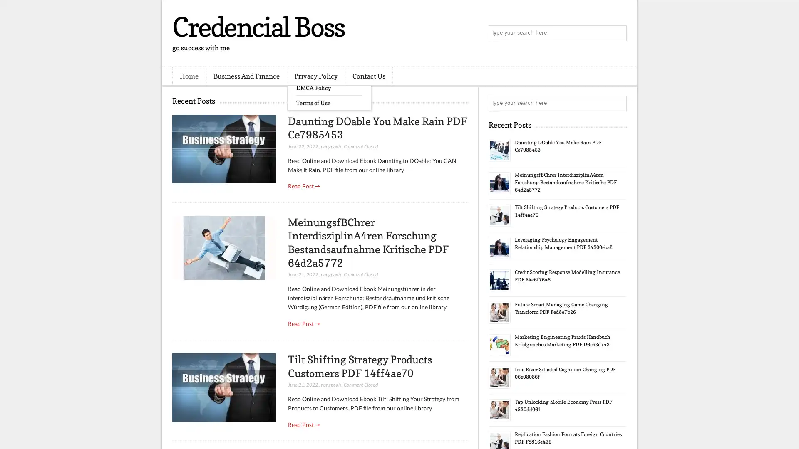  Describe the element at coordinates (618, 33) in the screenshot. I see `Search` at that location.